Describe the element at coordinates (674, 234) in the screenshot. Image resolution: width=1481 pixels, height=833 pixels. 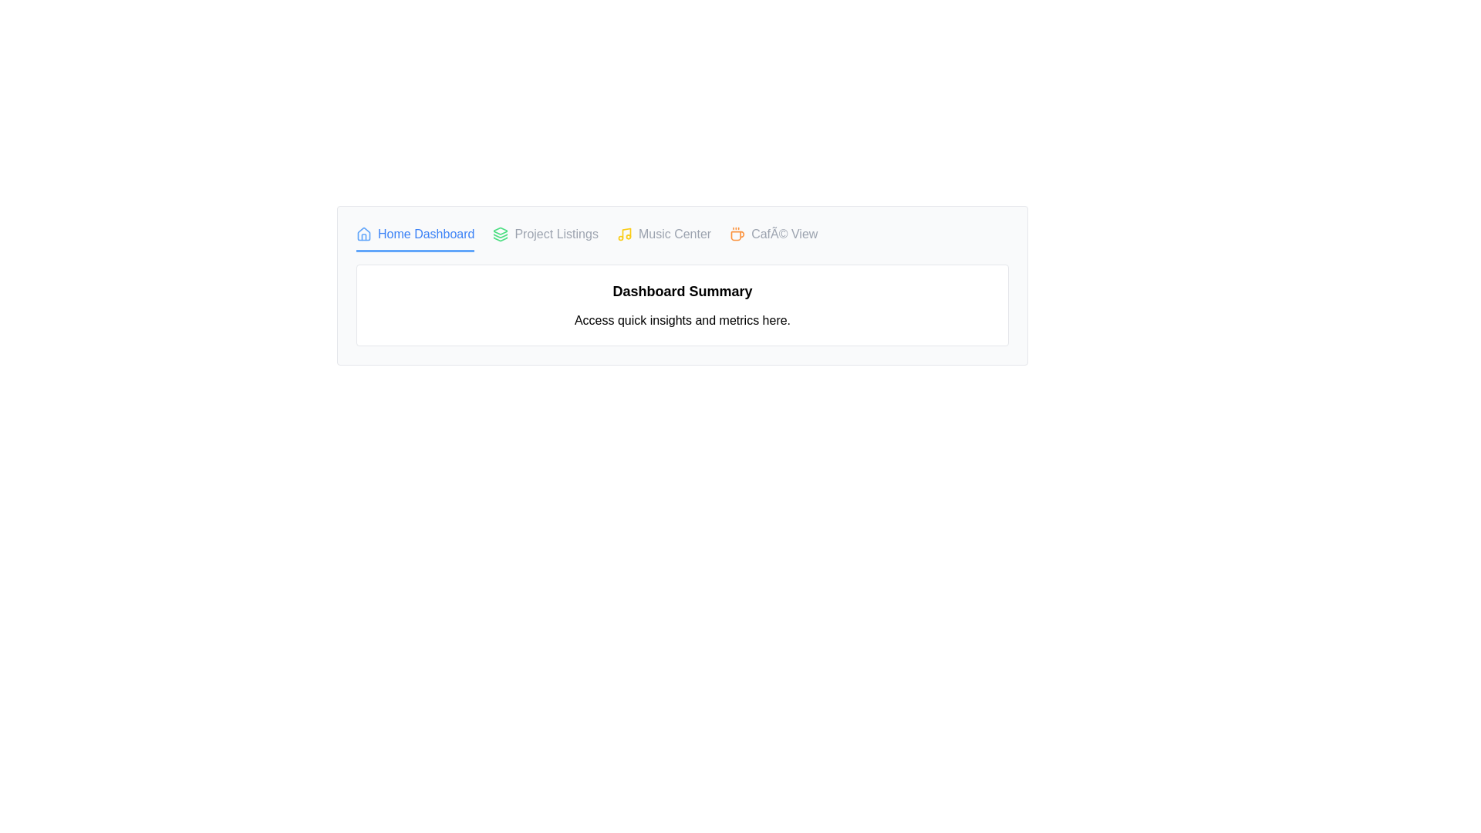
I see `the navigation label that serves as a link to the Music Center section, located between 'Project Listings' and 'Café View' in the navigation bar` at that location.